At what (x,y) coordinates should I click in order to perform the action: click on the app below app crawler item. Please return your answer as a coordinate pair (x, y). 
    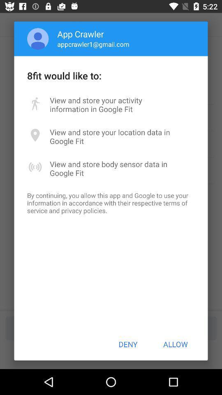
    Looking at the image, I should click on (93, 44).